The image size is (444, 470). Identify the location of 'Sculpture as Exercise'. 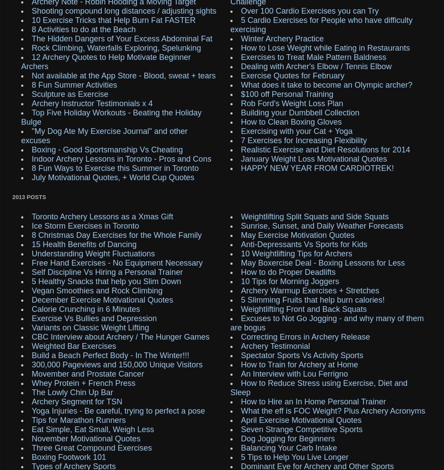
(70, 93).